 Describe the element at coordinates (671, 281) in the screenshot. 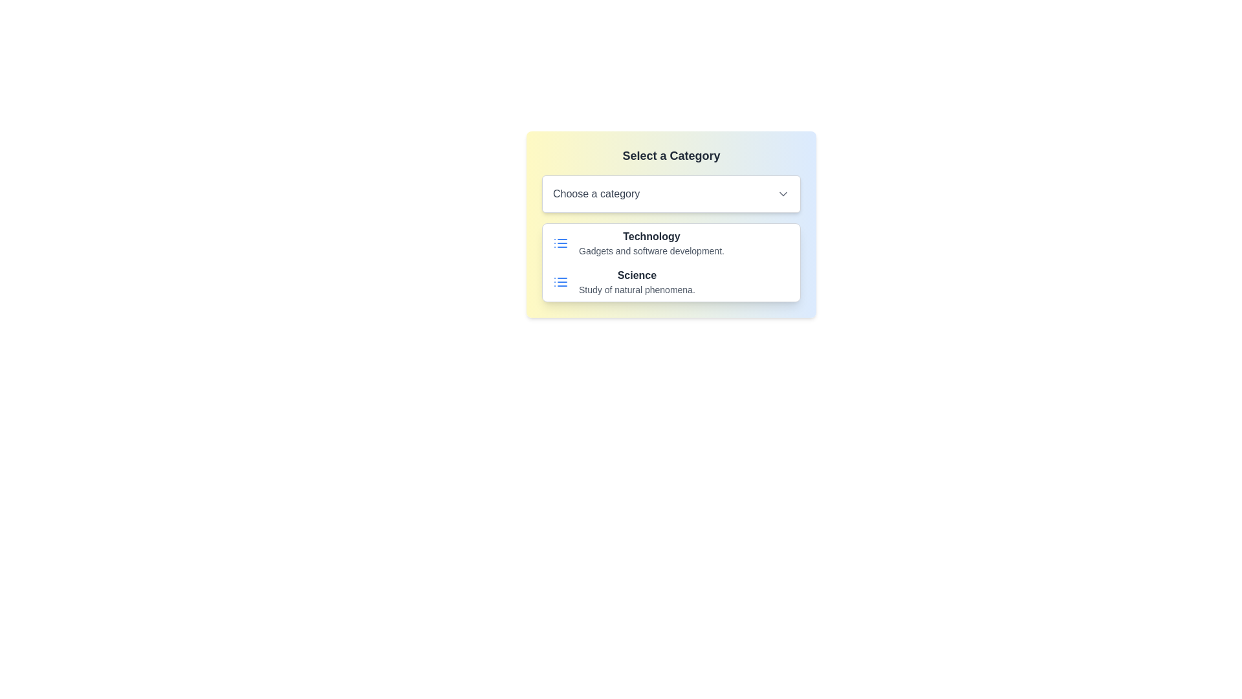

I see `the second informational list item that likely navigates to a 'Science' related section, located below the 'Technology' item` at that location.